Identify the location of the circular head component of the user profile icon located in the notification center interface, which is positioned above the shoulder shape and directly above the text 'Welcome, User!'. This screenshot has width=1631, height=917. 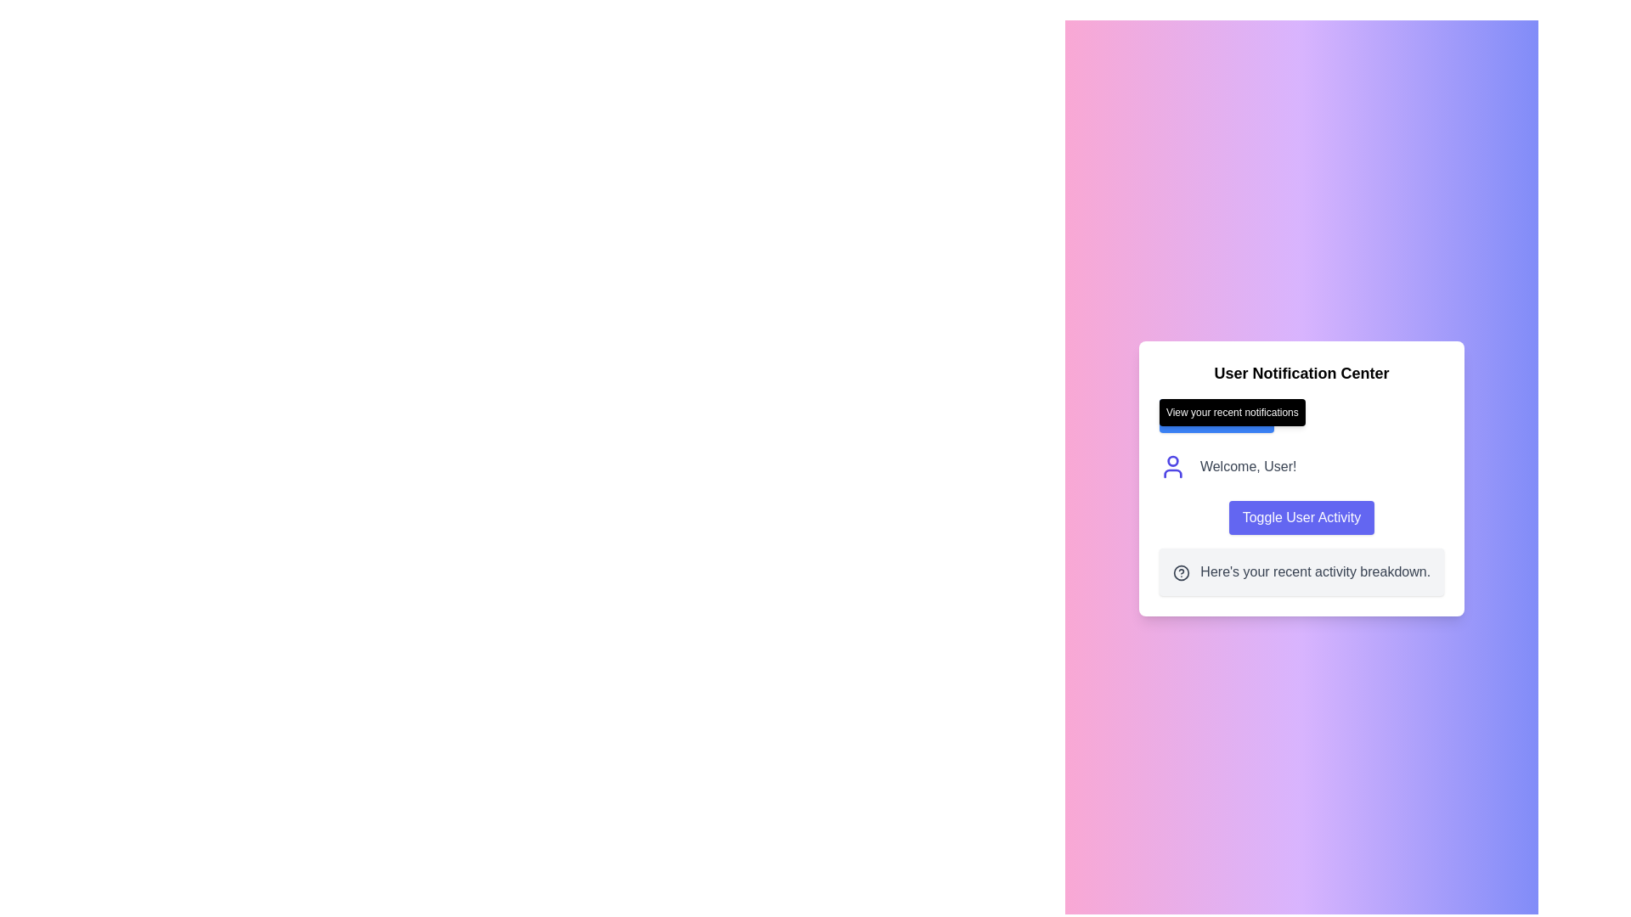
(1171, 461).